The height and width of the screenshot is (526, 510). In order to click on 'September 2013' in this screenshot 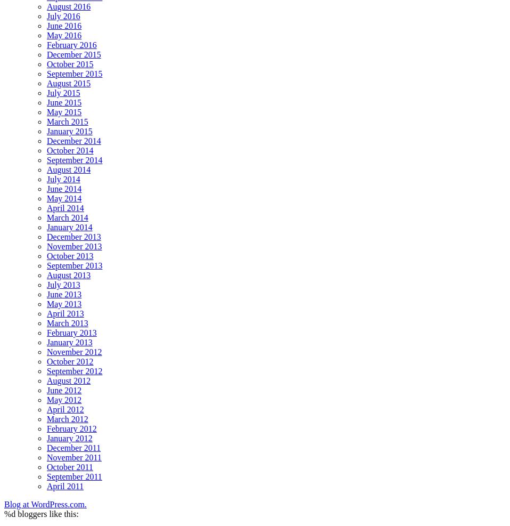, I will do `click(74, 265)`.